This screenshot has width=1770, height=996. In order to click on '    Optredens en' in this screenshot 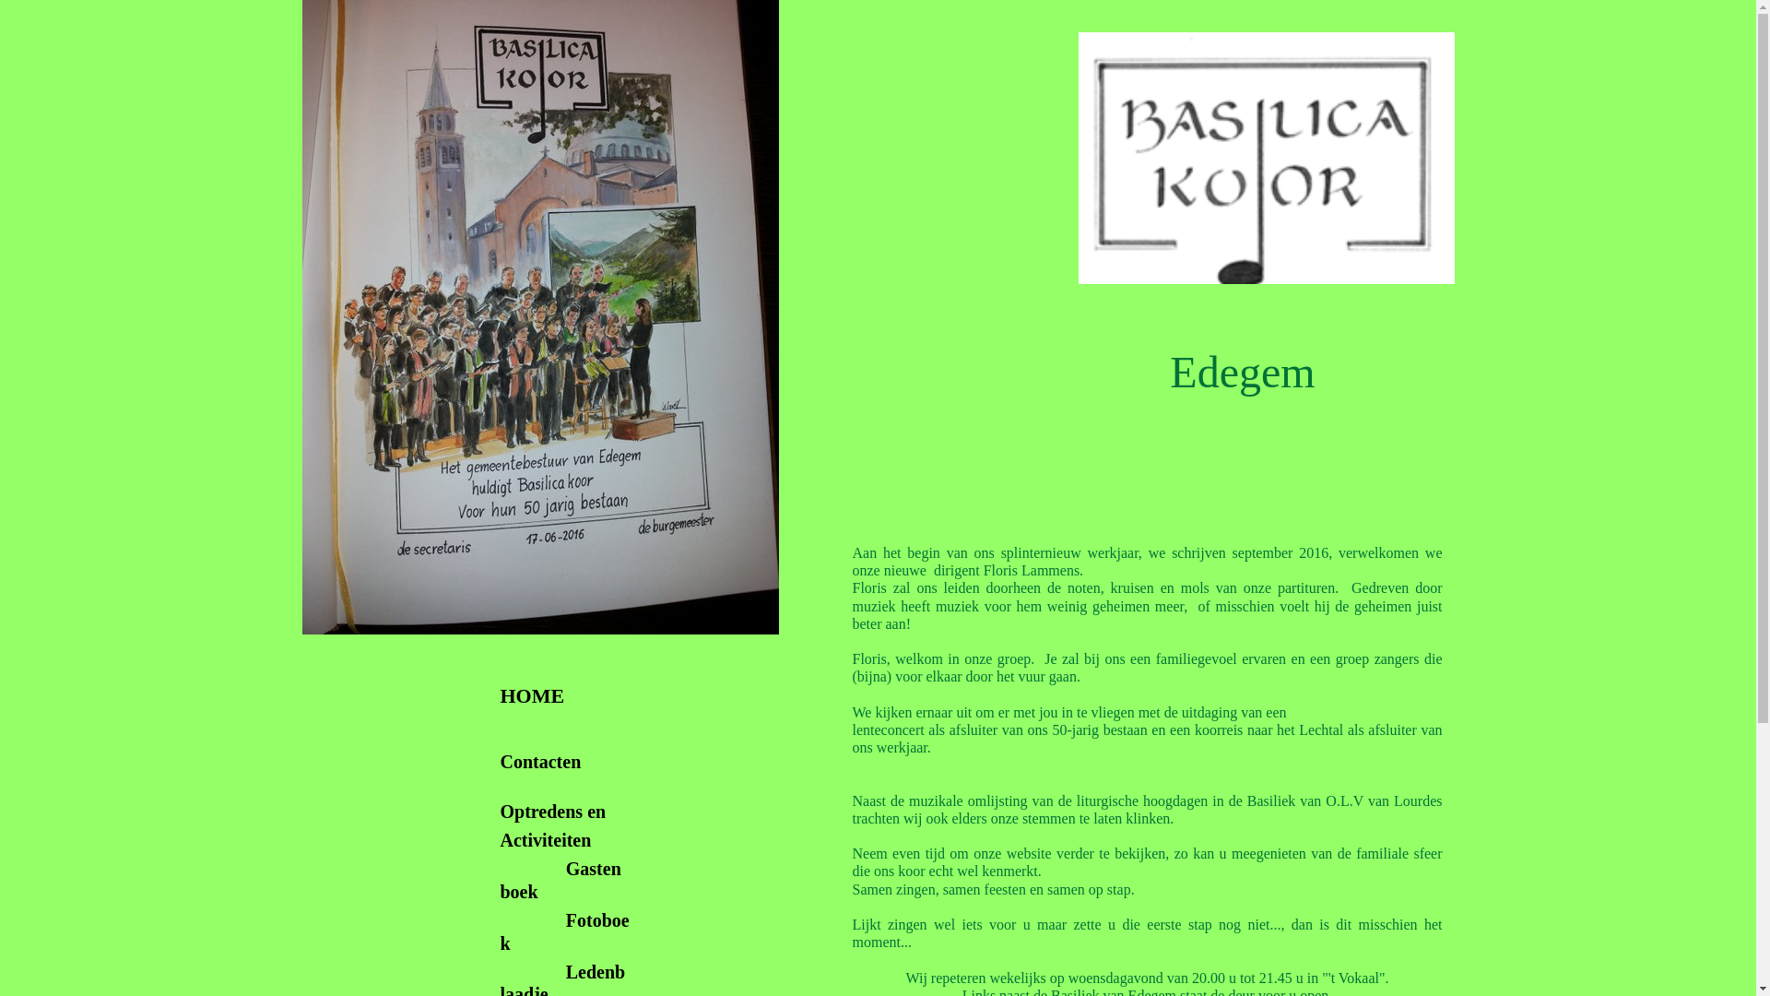, I will do `click(551, 801)`.